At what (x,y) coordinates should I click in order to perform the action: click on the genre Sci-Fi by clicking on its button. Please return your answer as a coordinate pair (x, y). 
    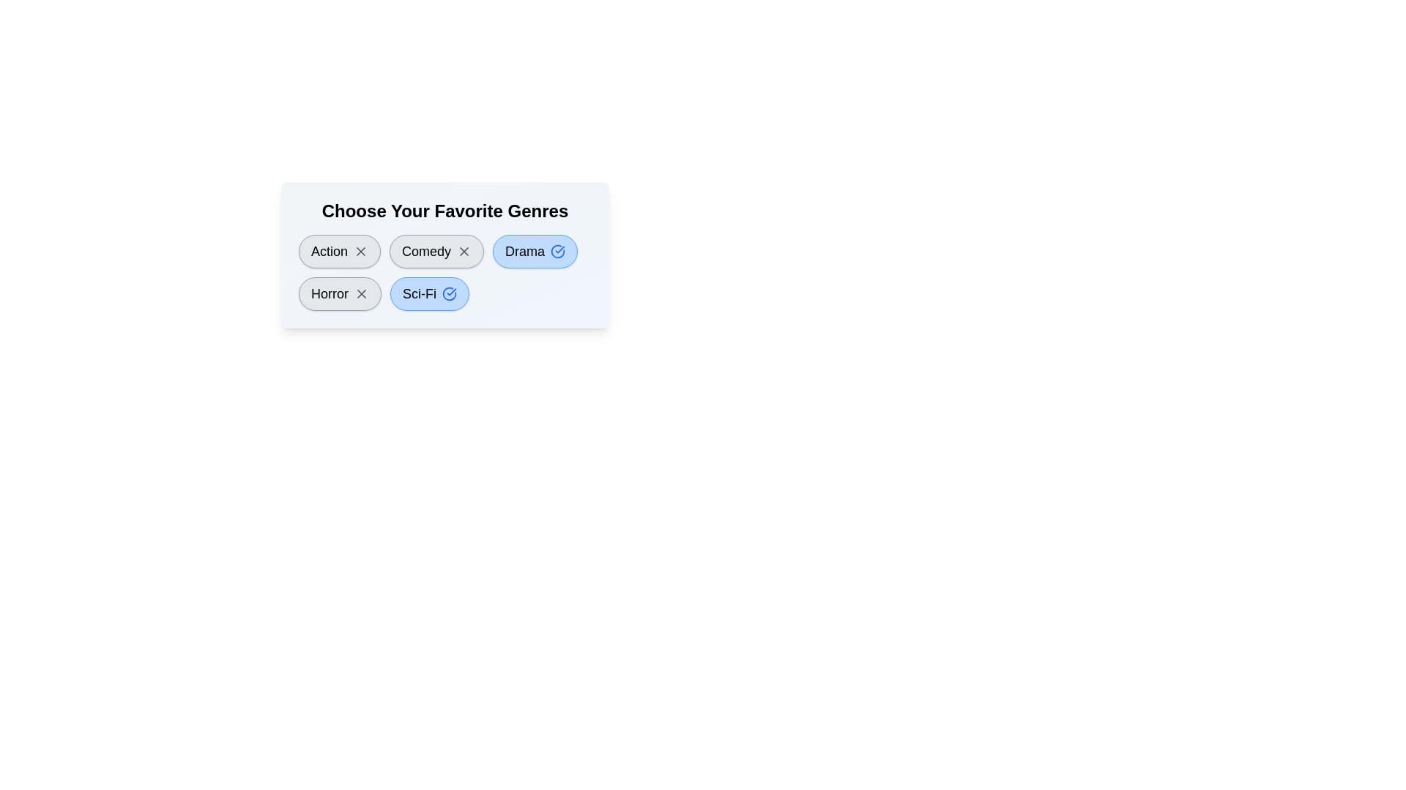
    Looking at the image, I should click on (428, 293).